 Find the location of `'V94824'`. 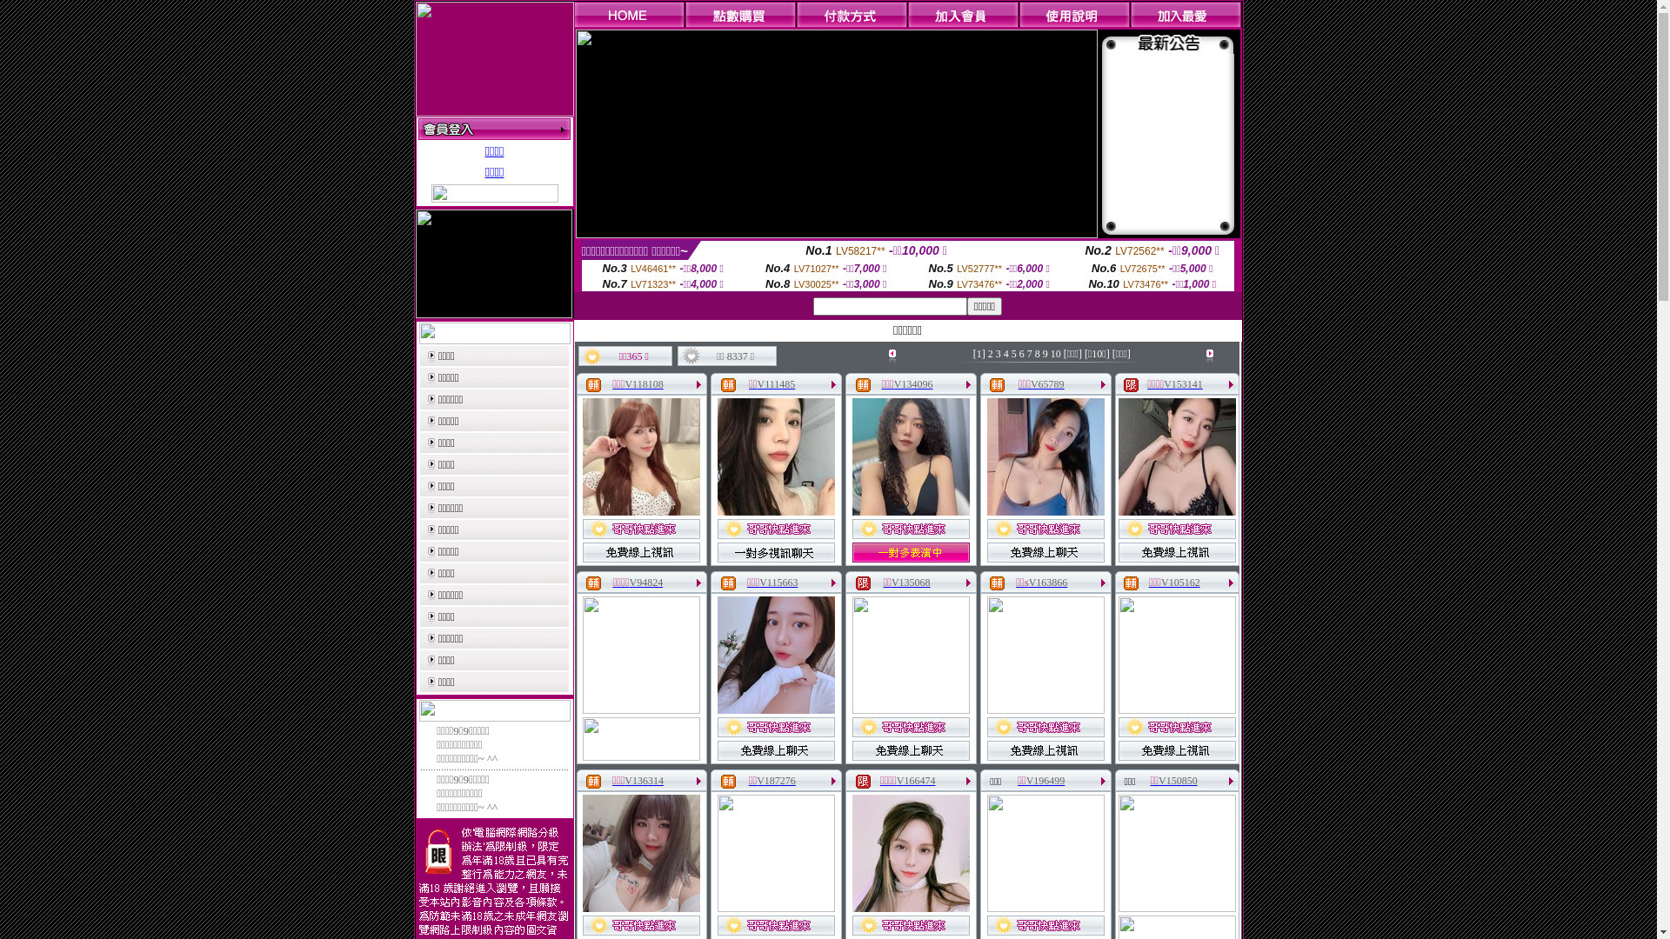

'V94824' is located at coordinates (645, 583).